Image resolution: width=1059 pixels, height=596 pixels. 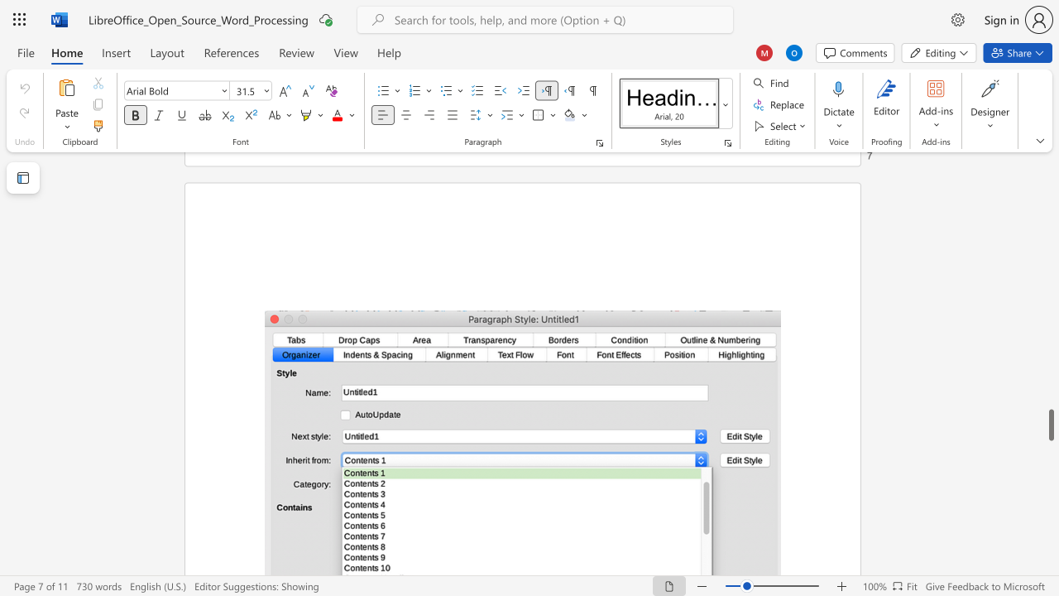 I want to click on the scrollbar on the side, so click(x=1050, y=223).